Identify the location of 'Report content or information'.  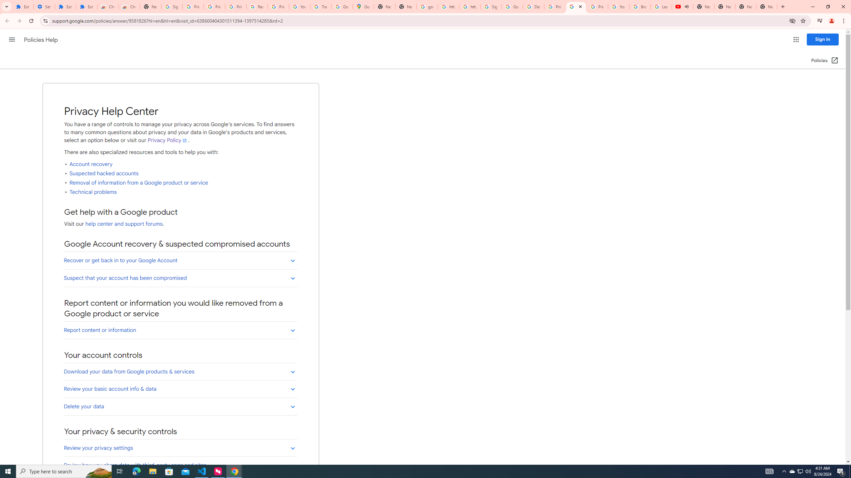
(180, 330).